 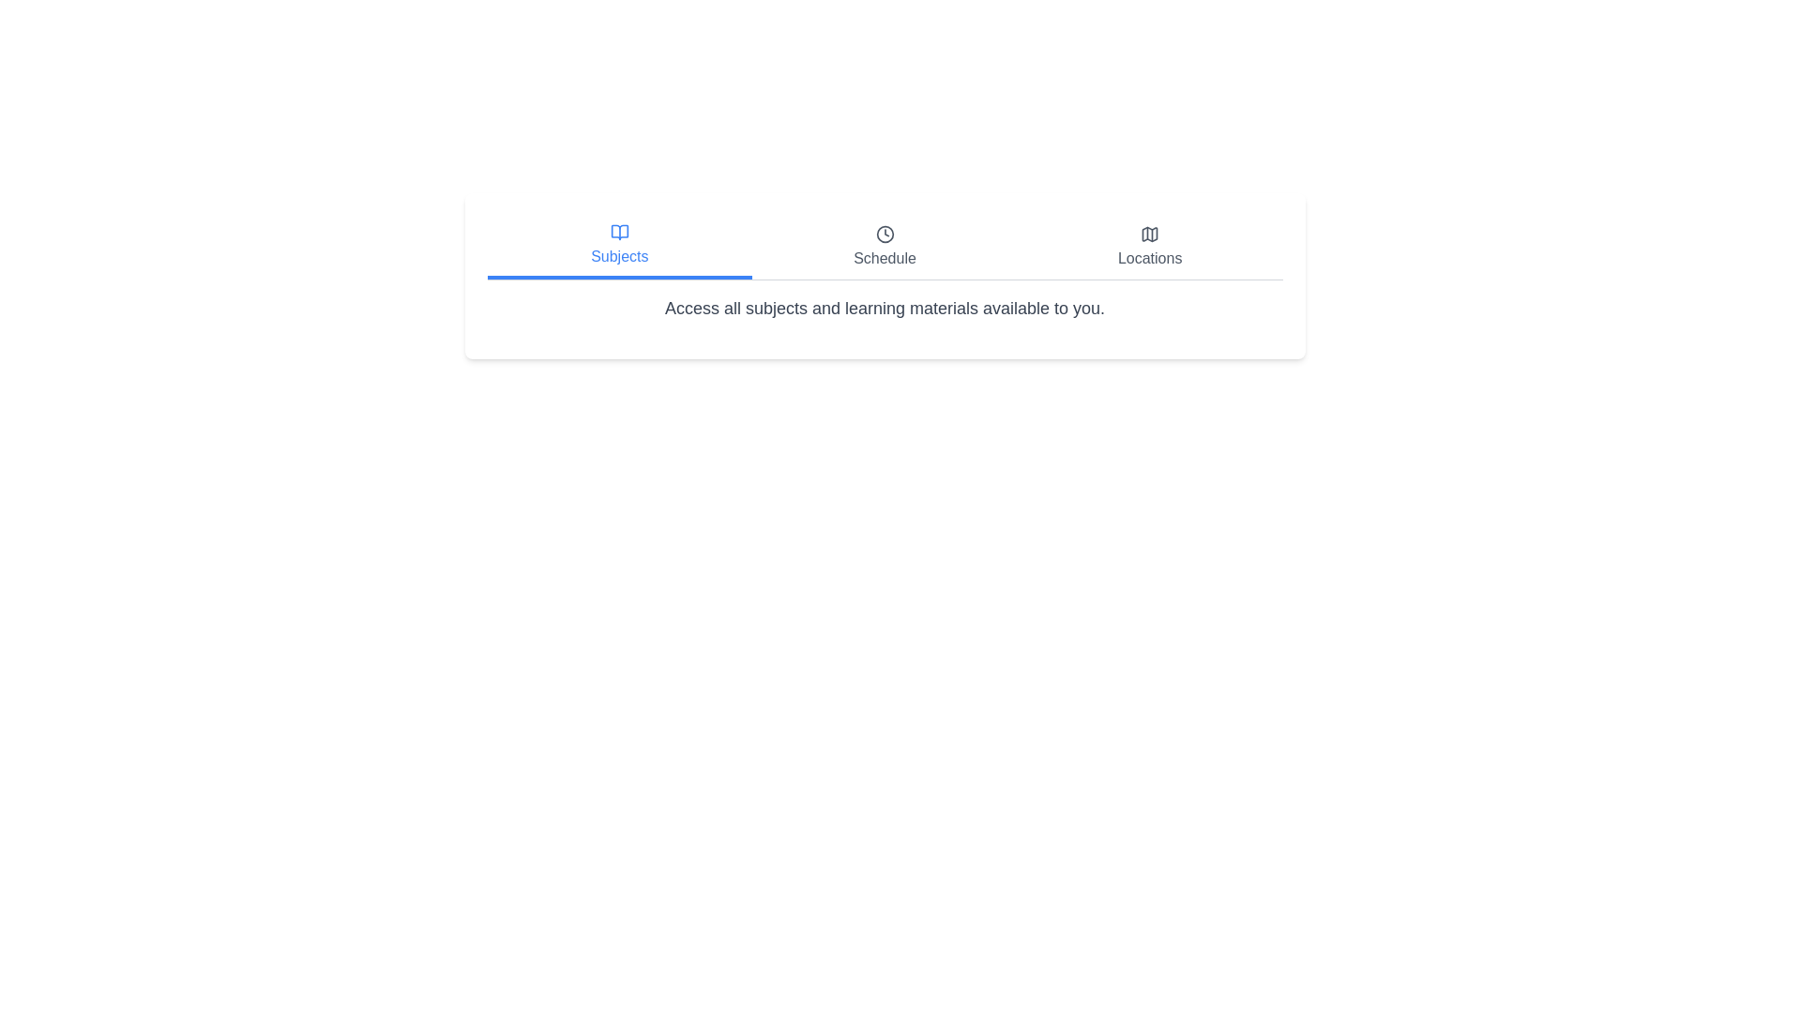 I want to click on the Locations tab, so click(x=1149, y=246).